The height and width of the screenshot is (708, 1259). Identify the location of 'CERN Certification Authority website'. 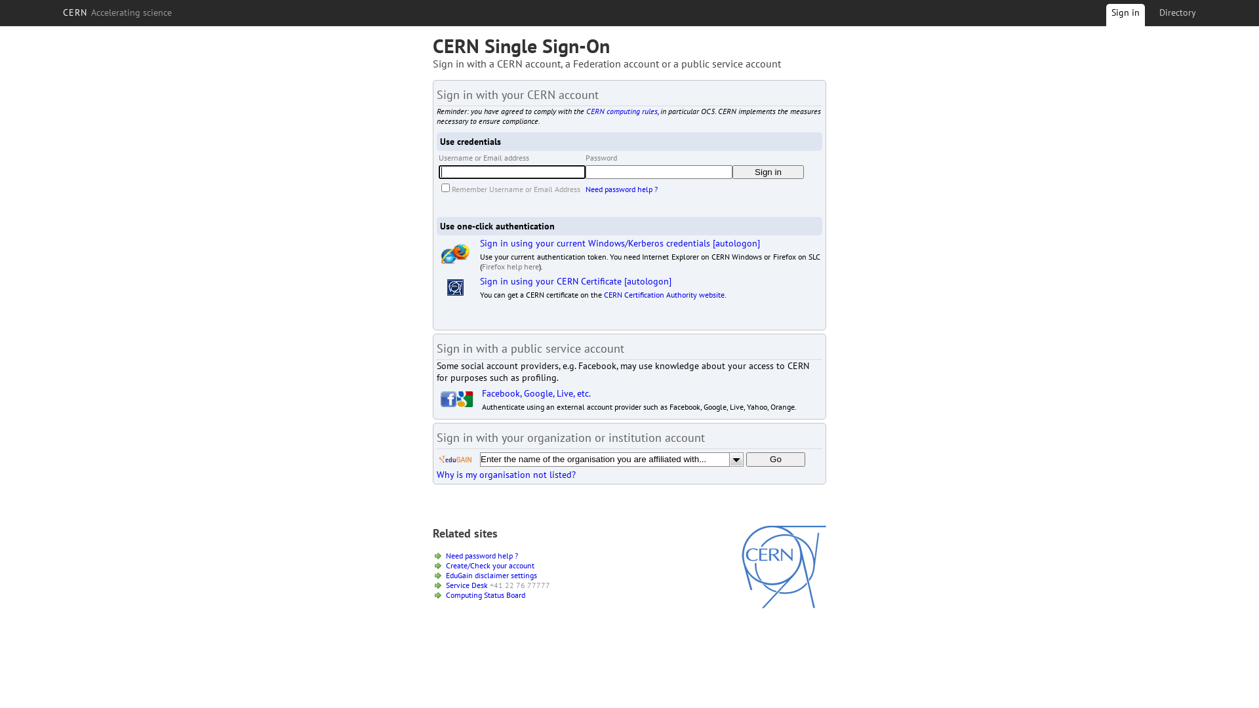
(603, 294).